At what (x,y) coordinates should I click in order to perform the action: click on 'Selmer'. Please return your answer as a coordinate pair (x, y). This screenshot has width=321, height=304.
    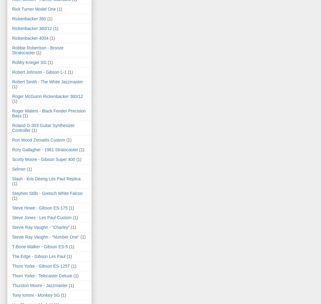
    Looking at the image, I should click on (12, 168).